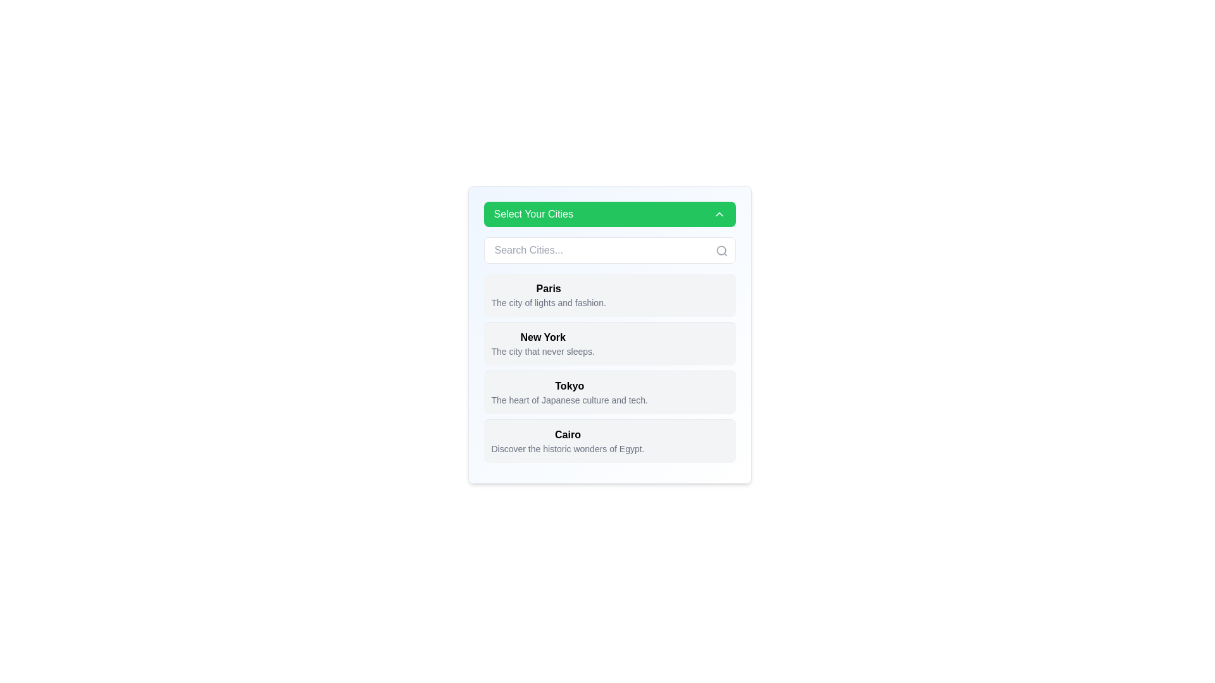 This screenshot has height=683, width=1215. I want to click on text label that corresponds to the city entry 'Tokyo' in the list, which is positioned above 'Cairo' and below 'New York', so click(569, 385).